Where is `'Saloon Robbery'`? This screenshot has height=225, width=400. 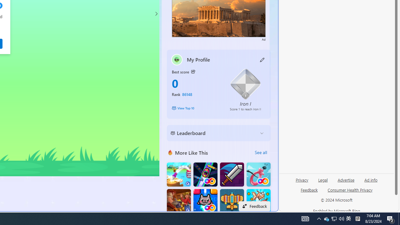 'Saloon Robbery' is located at coordinates (178, 201).